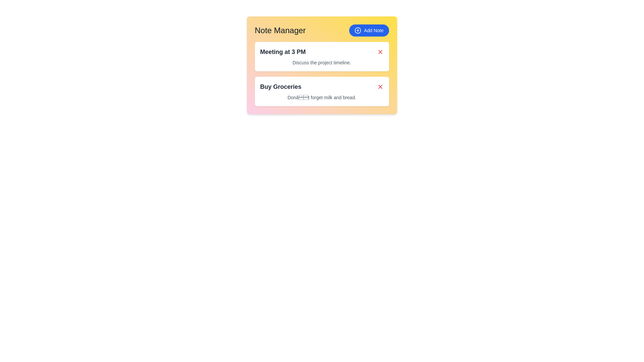  Describe the element at coordinates (380, 51) in the screenshot. I see `the delete button for the note titled 'Meeting at 3 PM'` at that location.